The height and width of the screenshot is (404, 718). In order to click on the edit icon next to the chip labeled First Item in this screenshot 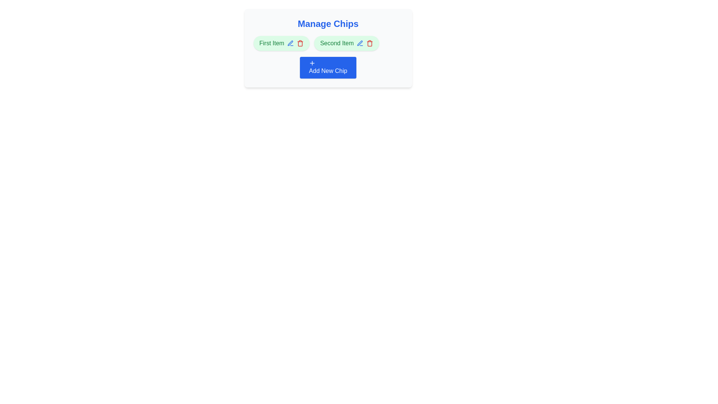, I will do `click(290, 43)`.